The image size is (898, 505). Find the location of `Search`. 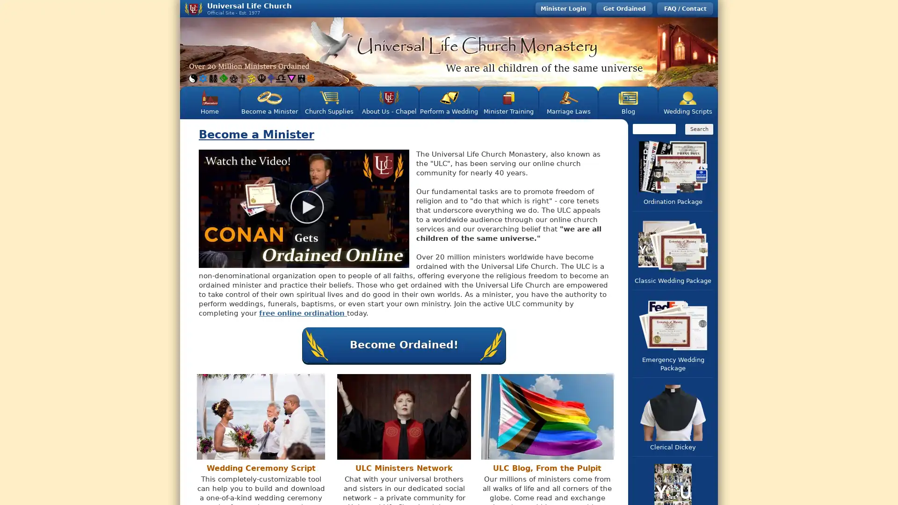

Search is located at coordinates (699, 129).